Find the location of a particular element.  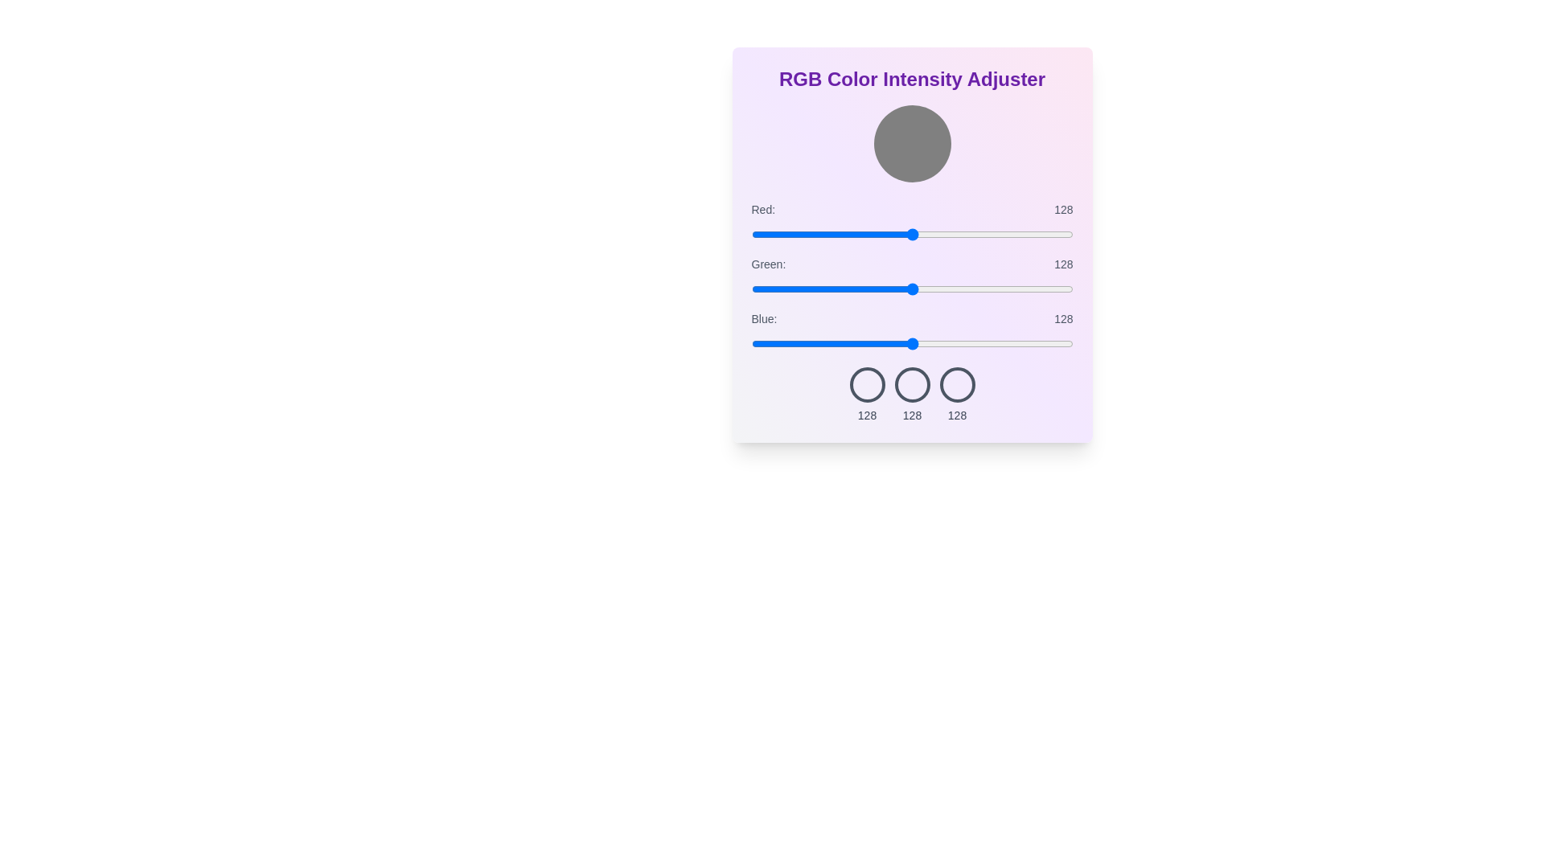

the green slider to set its intensity to 77 is located at coordinates (848, 288).